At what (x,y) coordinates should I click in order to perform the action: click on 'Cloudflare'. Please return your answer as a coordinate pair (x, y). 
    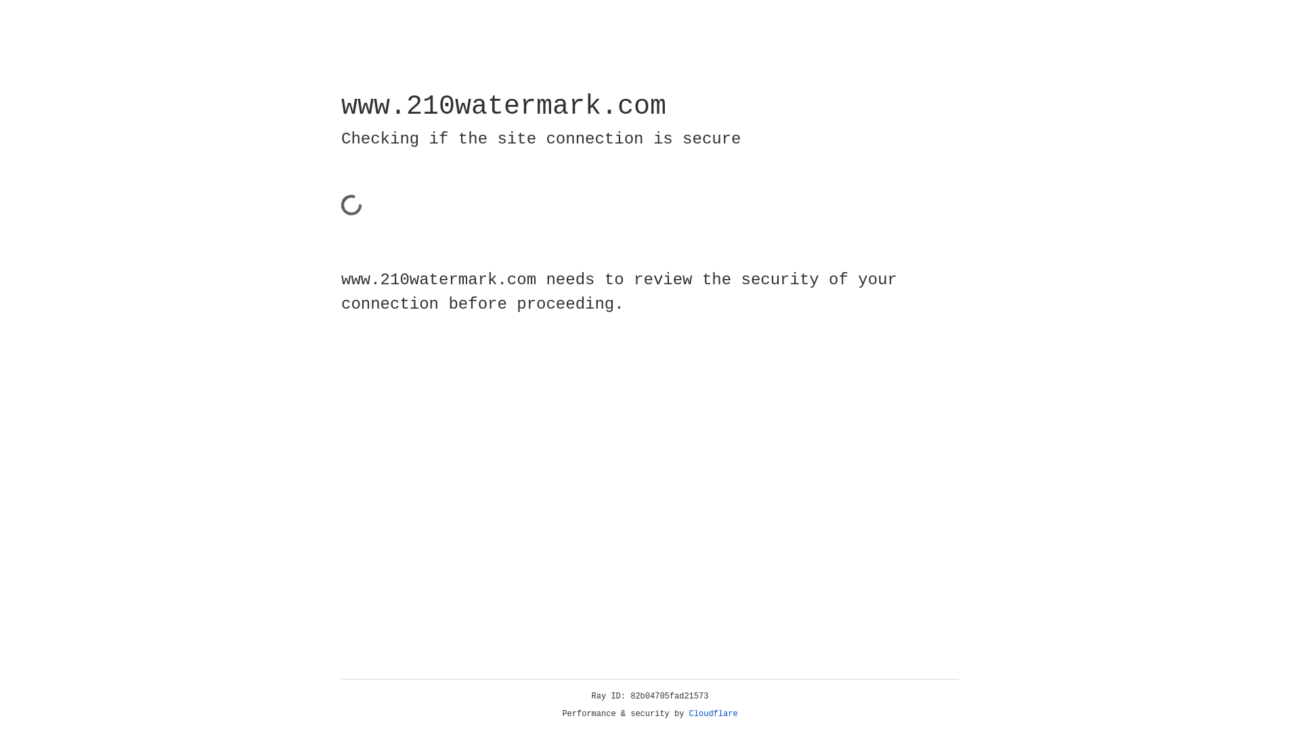
    Looking at the image, I should click on (713, 713).